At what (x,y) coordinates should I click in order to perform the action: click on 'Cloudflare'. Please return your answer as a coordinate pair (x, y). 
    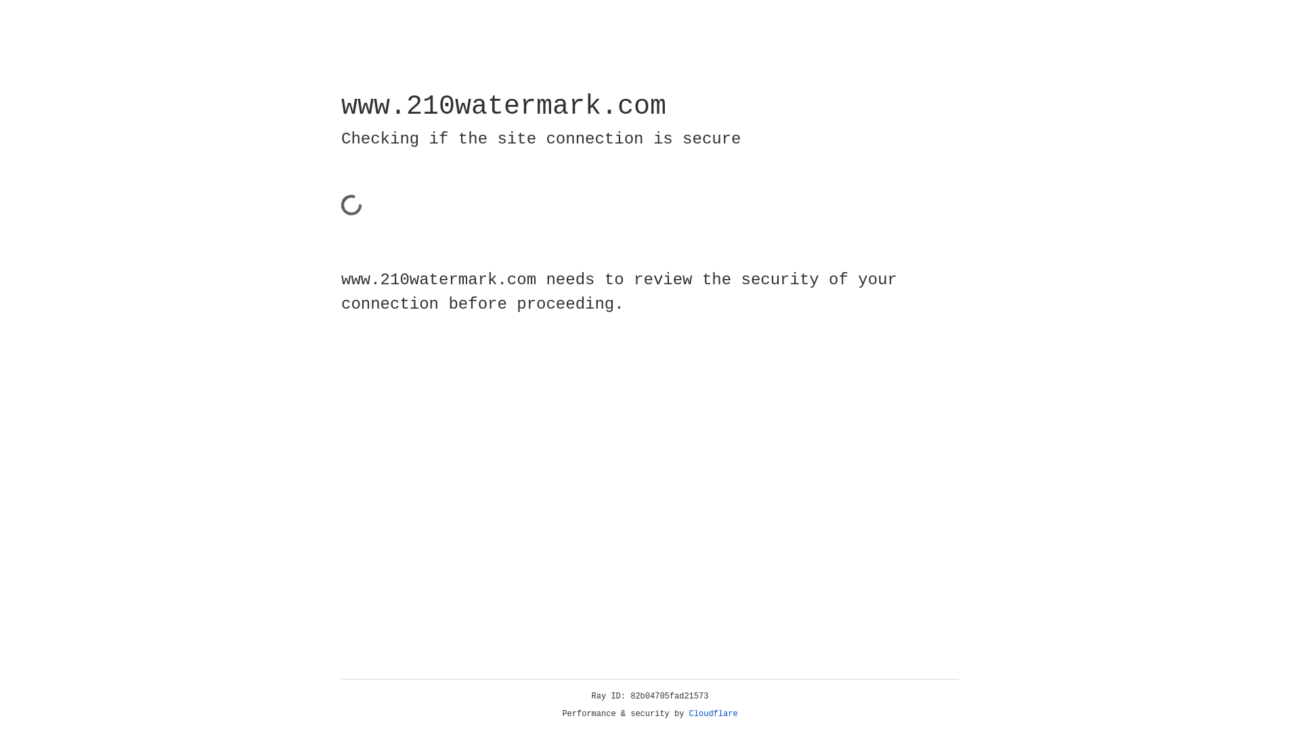
    Looking at the image, I should click on (713, 713).